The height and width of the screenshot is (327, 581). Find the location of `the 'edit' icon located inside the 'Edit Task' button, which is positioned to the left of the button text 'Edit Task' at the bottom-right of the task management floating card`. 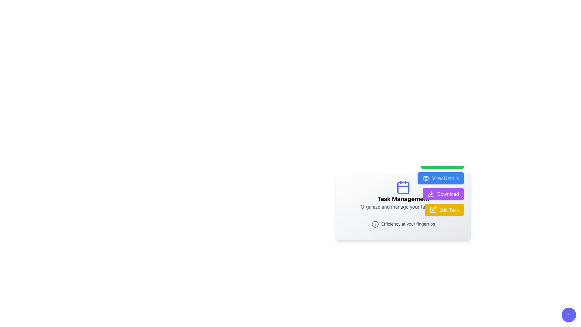

the 'edit' icon located inside the 'Edit Task' button, which is positioned to the left of the button text 'Edit Task' at the bottom-right of the task management floating card is located at coordinates (433, 209).